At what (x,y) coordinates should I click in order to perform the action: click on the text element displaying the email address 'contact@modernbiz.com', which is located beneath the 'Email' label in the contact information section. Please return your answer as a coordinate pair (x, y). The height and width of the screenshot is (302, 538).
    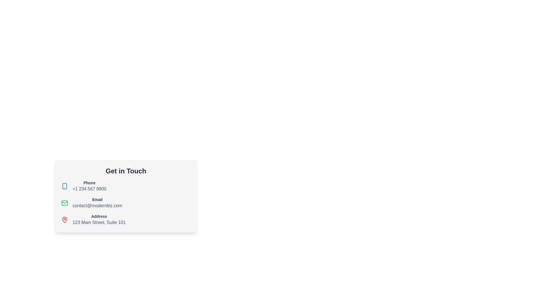
    Looking at the image, I should click on (97, 206).